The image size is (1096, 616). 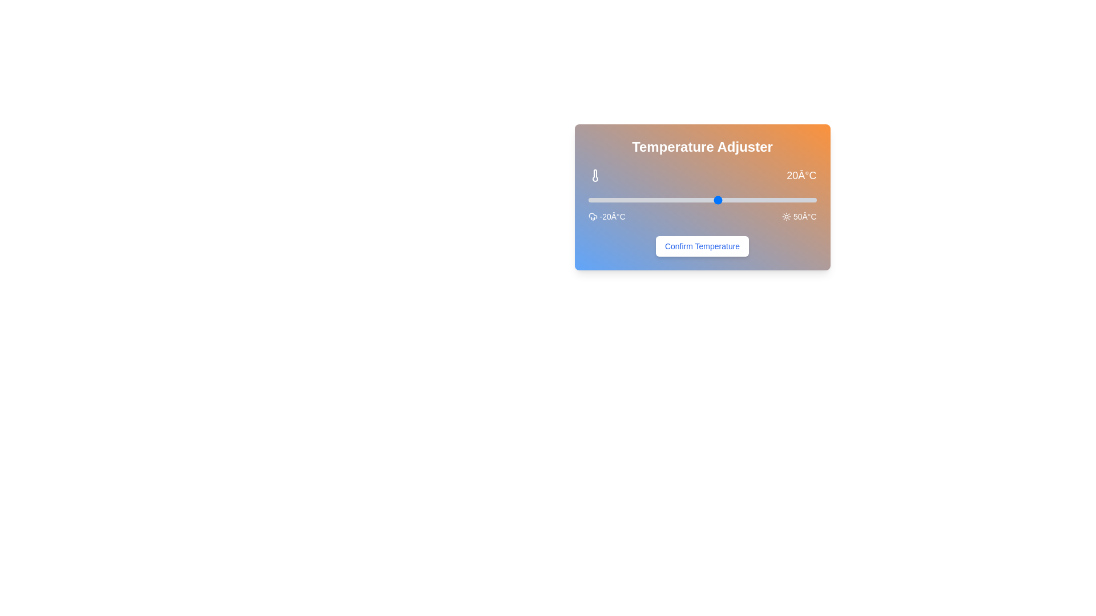 What do you see at coordinates (660, 200) in the screenshot?
I see `the temperature slider to 2°C` at bounding box center [660, 200].